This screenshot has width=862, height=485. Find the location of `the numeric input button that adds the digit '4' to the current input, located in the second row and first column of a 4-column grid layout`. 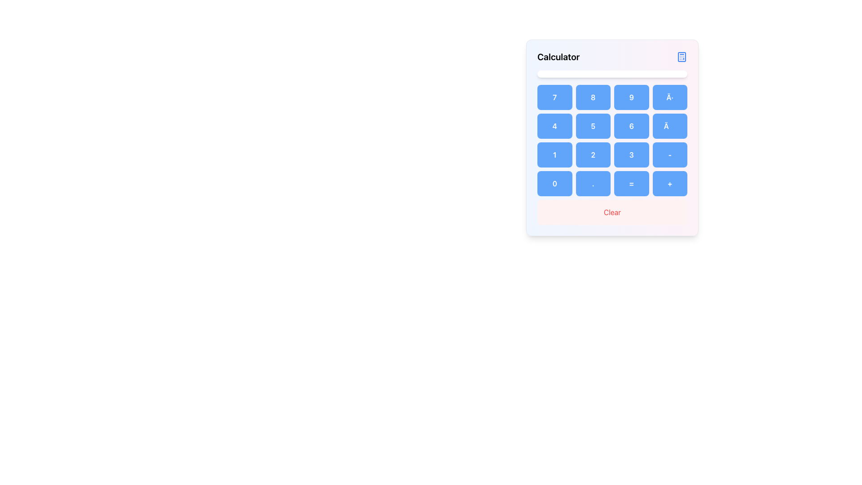

the numeric input button that adds the digit '4' to the current input, located in the second row and first column of a 4-column grid layout is located at coordinates (554, 126).